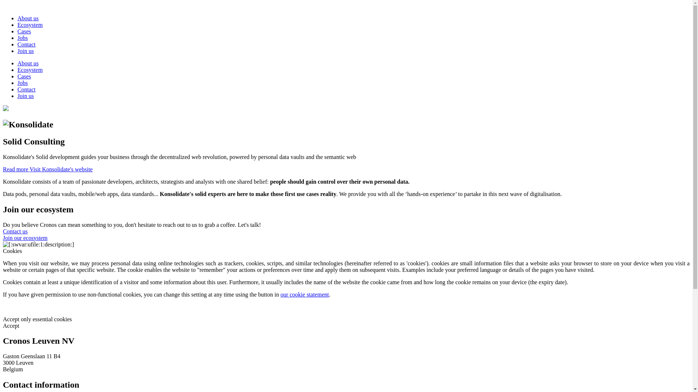  Describe the element at coordinates (17, 18) in the screenshot. I see `'About us'` at that location.